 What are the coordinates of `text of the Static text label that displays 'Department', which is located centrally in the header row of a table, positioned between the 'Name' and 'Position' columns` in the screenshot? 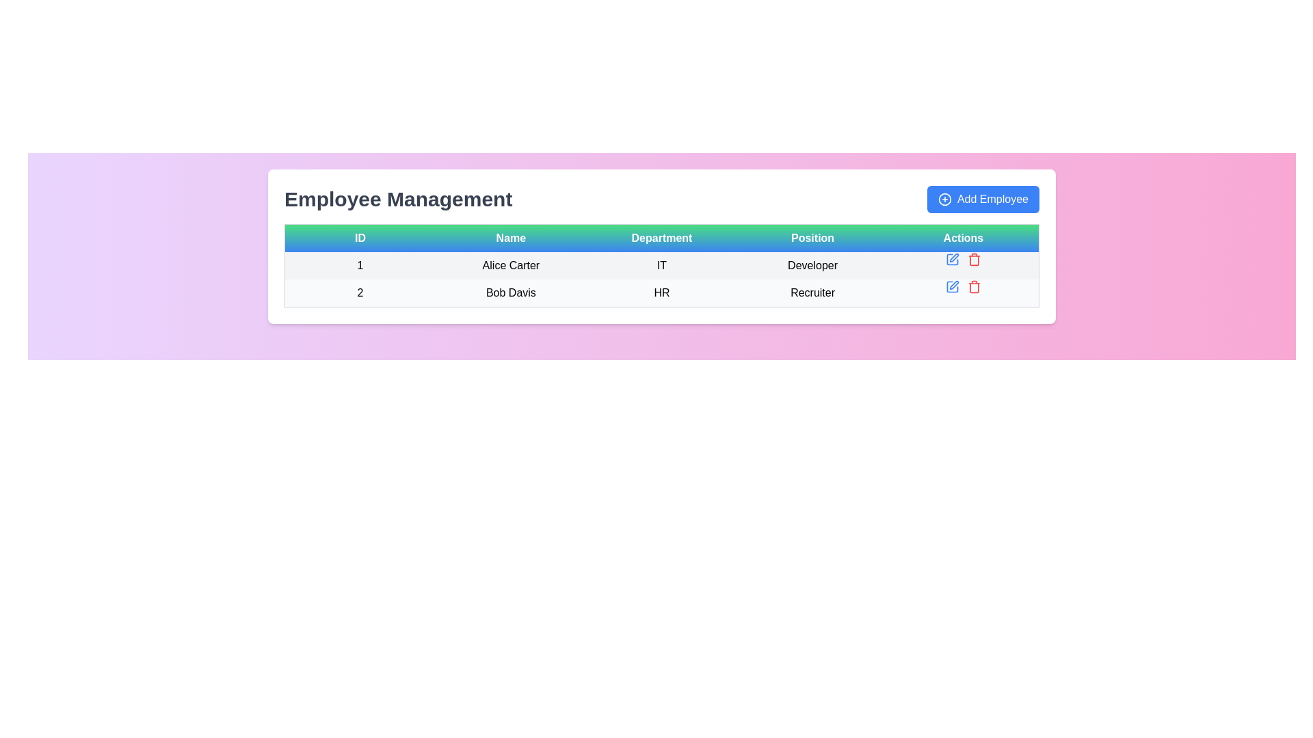 It's located at (662, 237).